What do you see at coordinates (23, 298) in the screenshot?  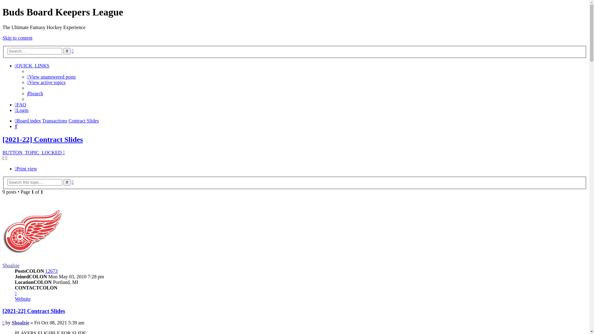 I see `'Website'` at bounding box center [23, 298].